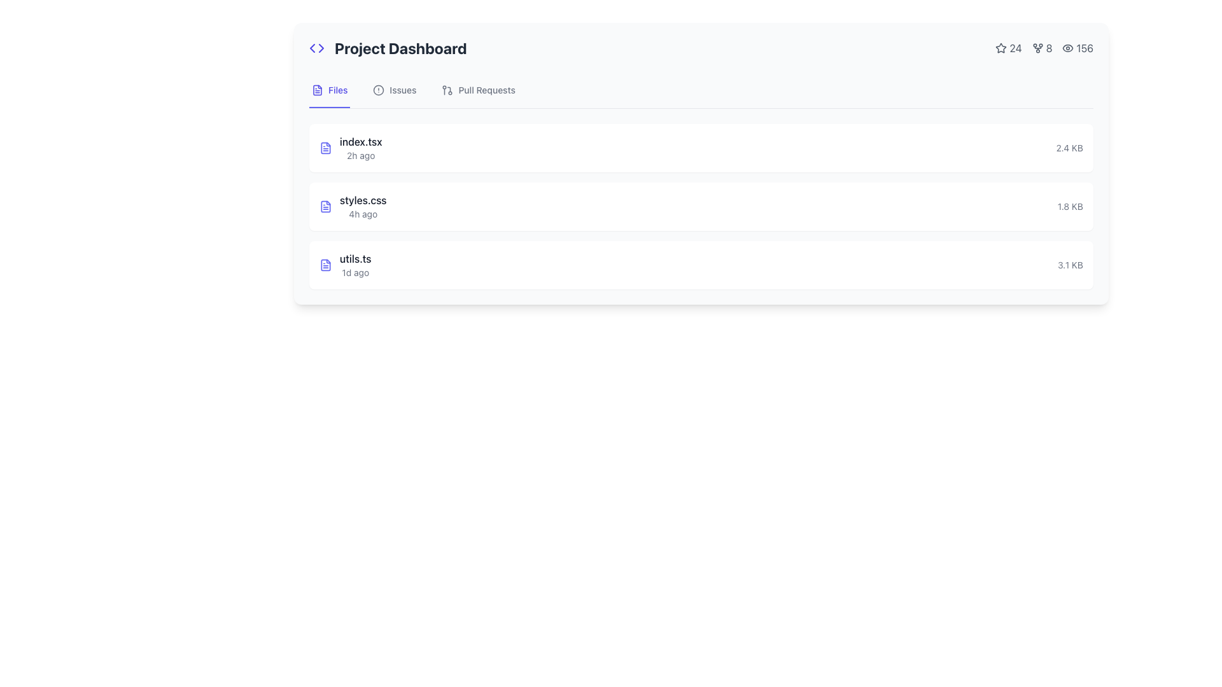 This screenshot has width=1222, height=687. I want to click on the static badge with icon and number indicating the number of forks in the top-right corner of the Project Dashboard, positioned between a star icon with the number '24' and an eye icon with the number '156', so click(1042, 48).